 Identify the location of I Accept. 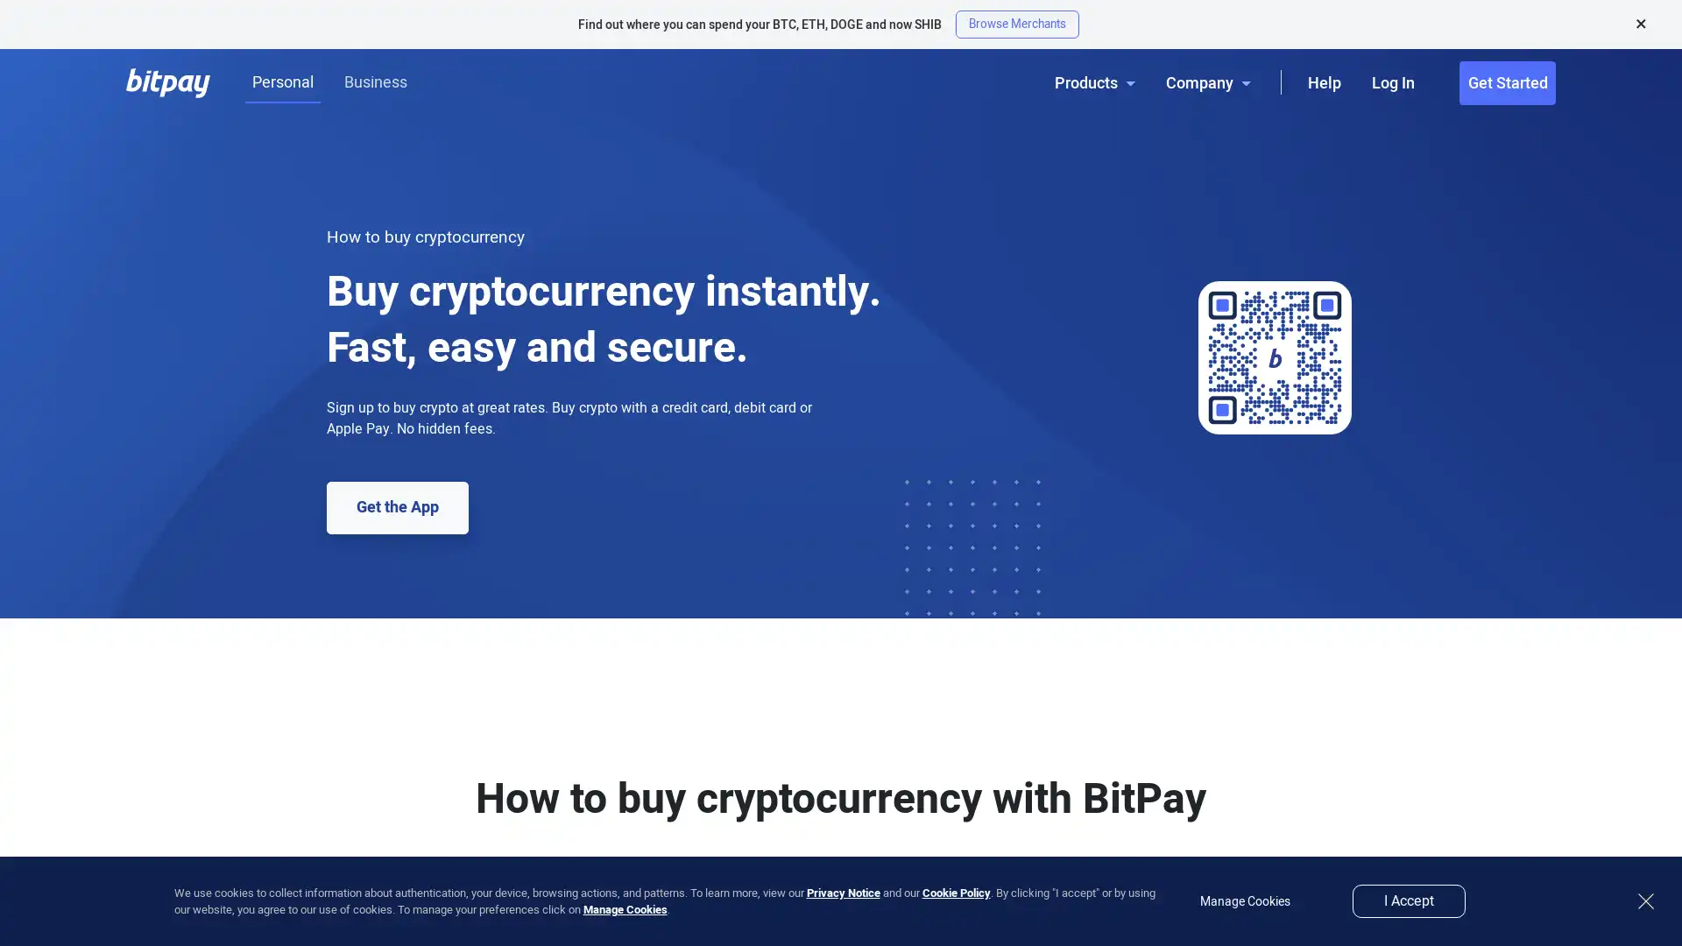
(1409, 901).